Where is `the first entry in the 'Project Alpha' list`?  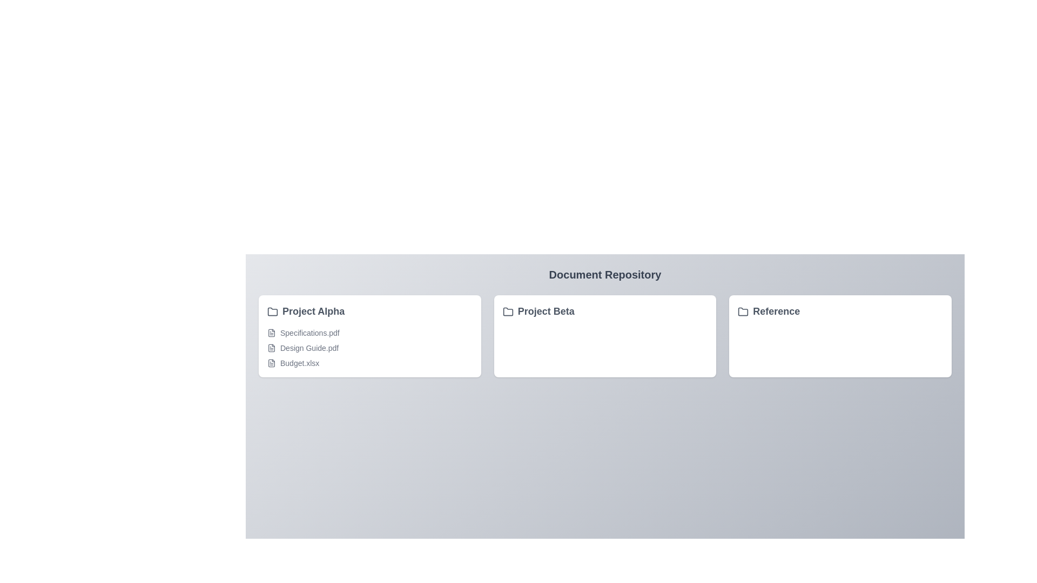 the first entry in the 'Project Alpha' list is located at coordinates (369, 333).